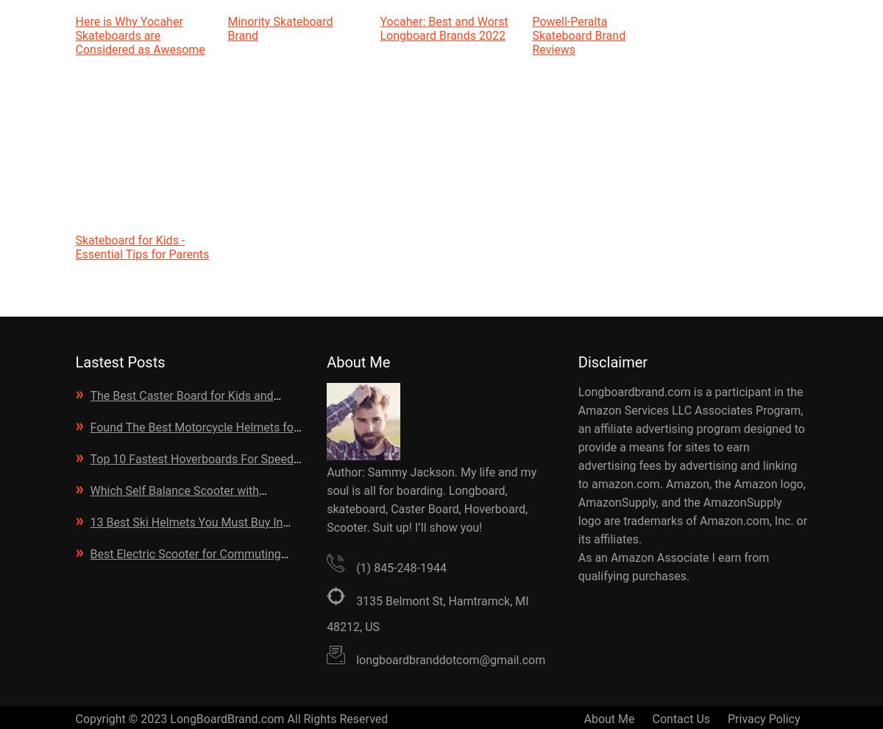 The width and height of the screenshot is (883, 729). I want to click on 'Which Self Balance Scooter with Bluetooth Is the Best in 2023?', so click(166, 503).